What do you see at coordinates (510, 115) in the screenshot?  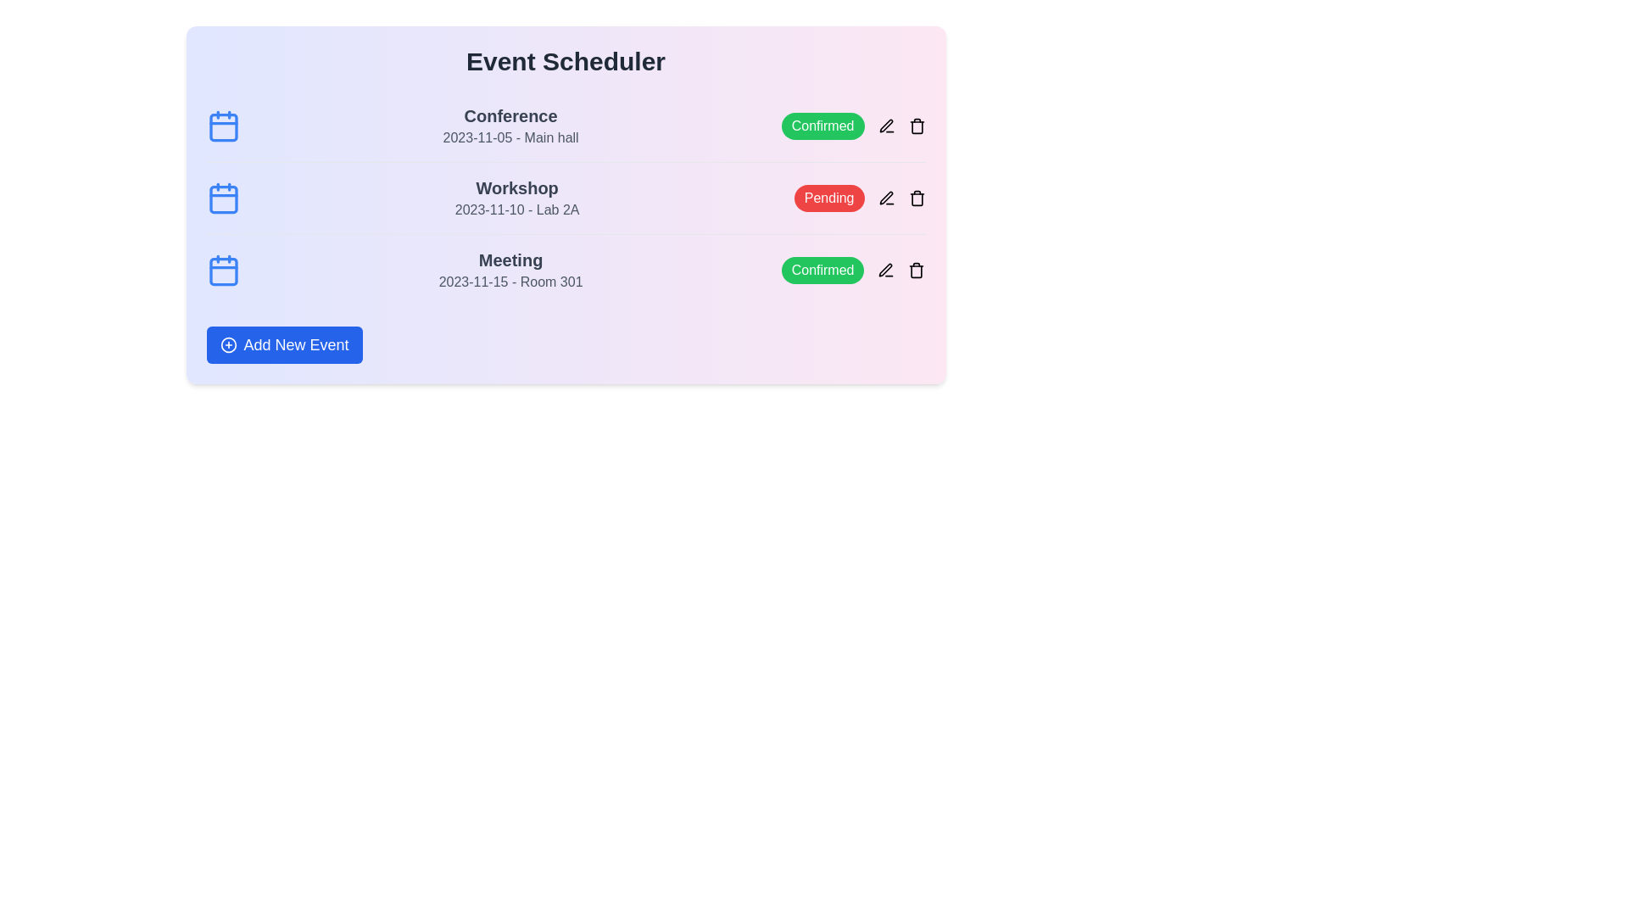 I see `text label indicating the event's title 'Conference' located at the top of the section in the event scheduler interface` at bounding box center [510, 115].